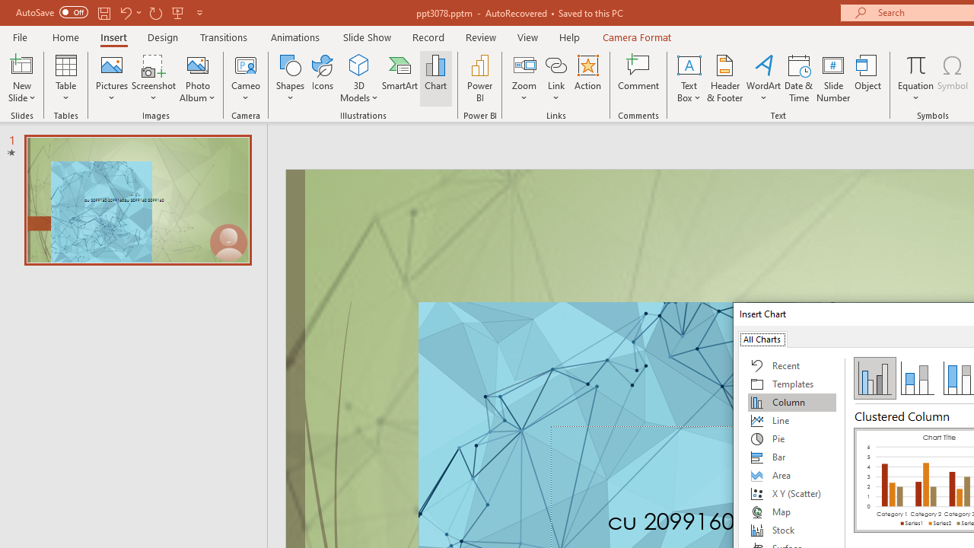 This screenshot has height=548, width=974. Describe the element at coordinates (358, 64) in the screenshot. I see `'3D Models'` at that location.